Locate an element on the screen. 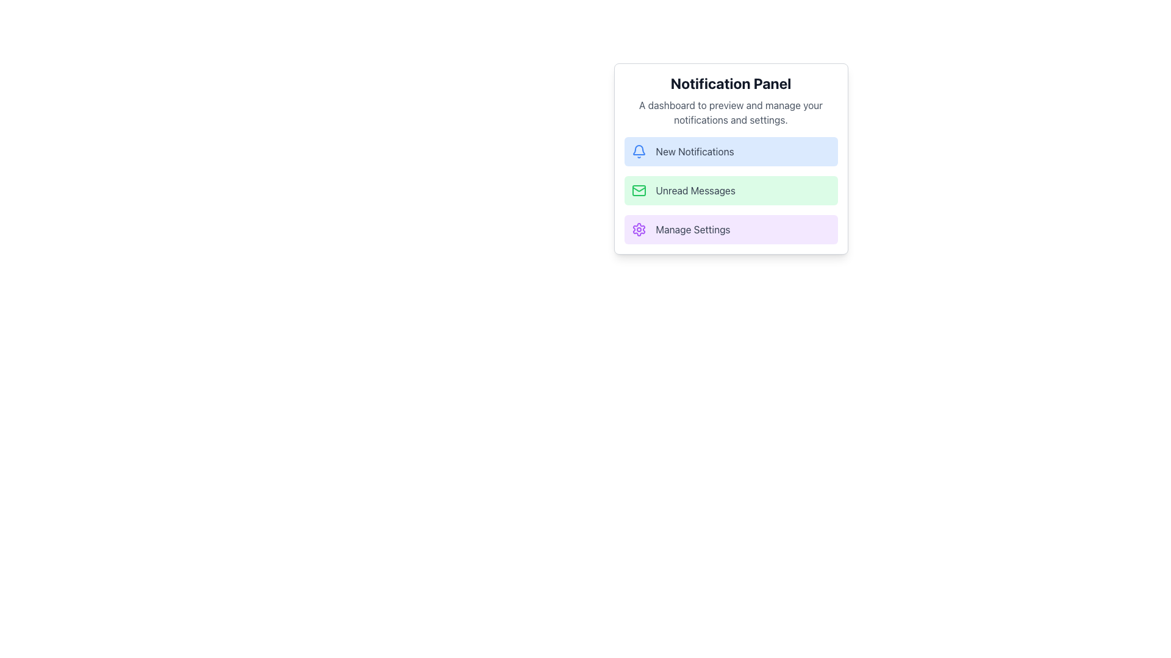  the text label indicating the availability of unread messages located in the second option of the vertical menu, between 'New Notifications' and 'Manage Settings' is located at coordinates (695, 190).